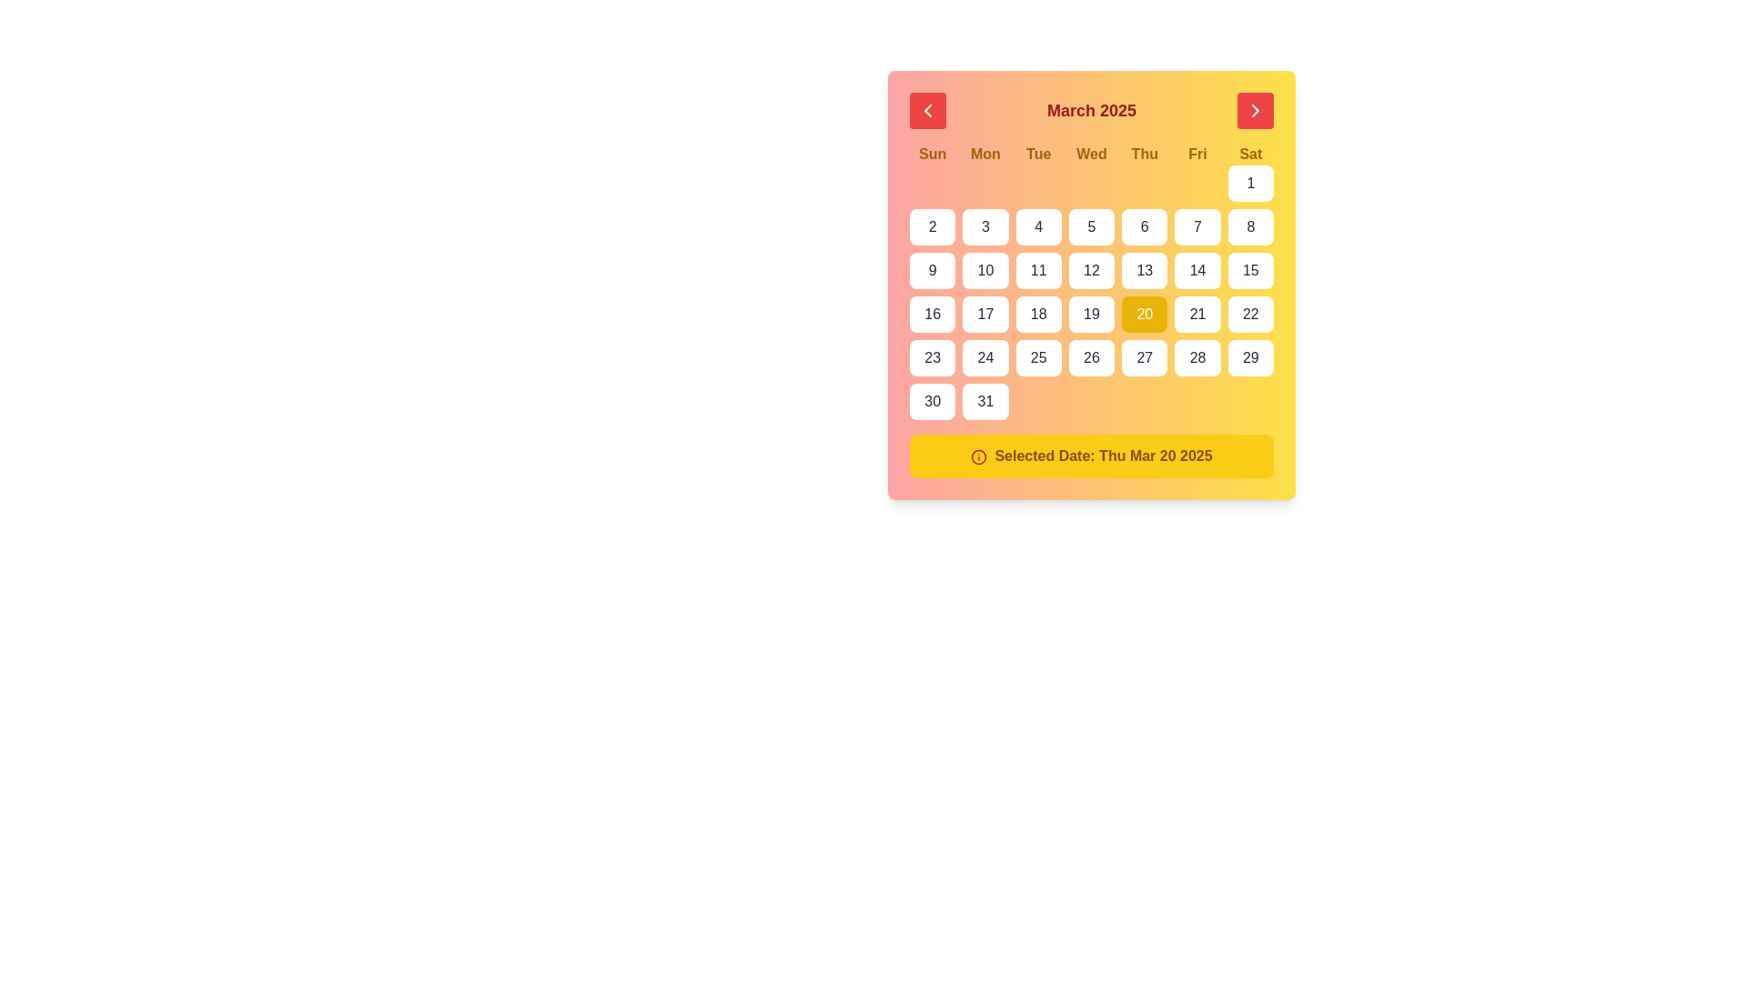  What do you see at coordinates (1144, 270) in the screenshot?
I see `the selectable button representing the 13th day in the calendar to trigger the hover effect` at bounding box center [1144, 270].